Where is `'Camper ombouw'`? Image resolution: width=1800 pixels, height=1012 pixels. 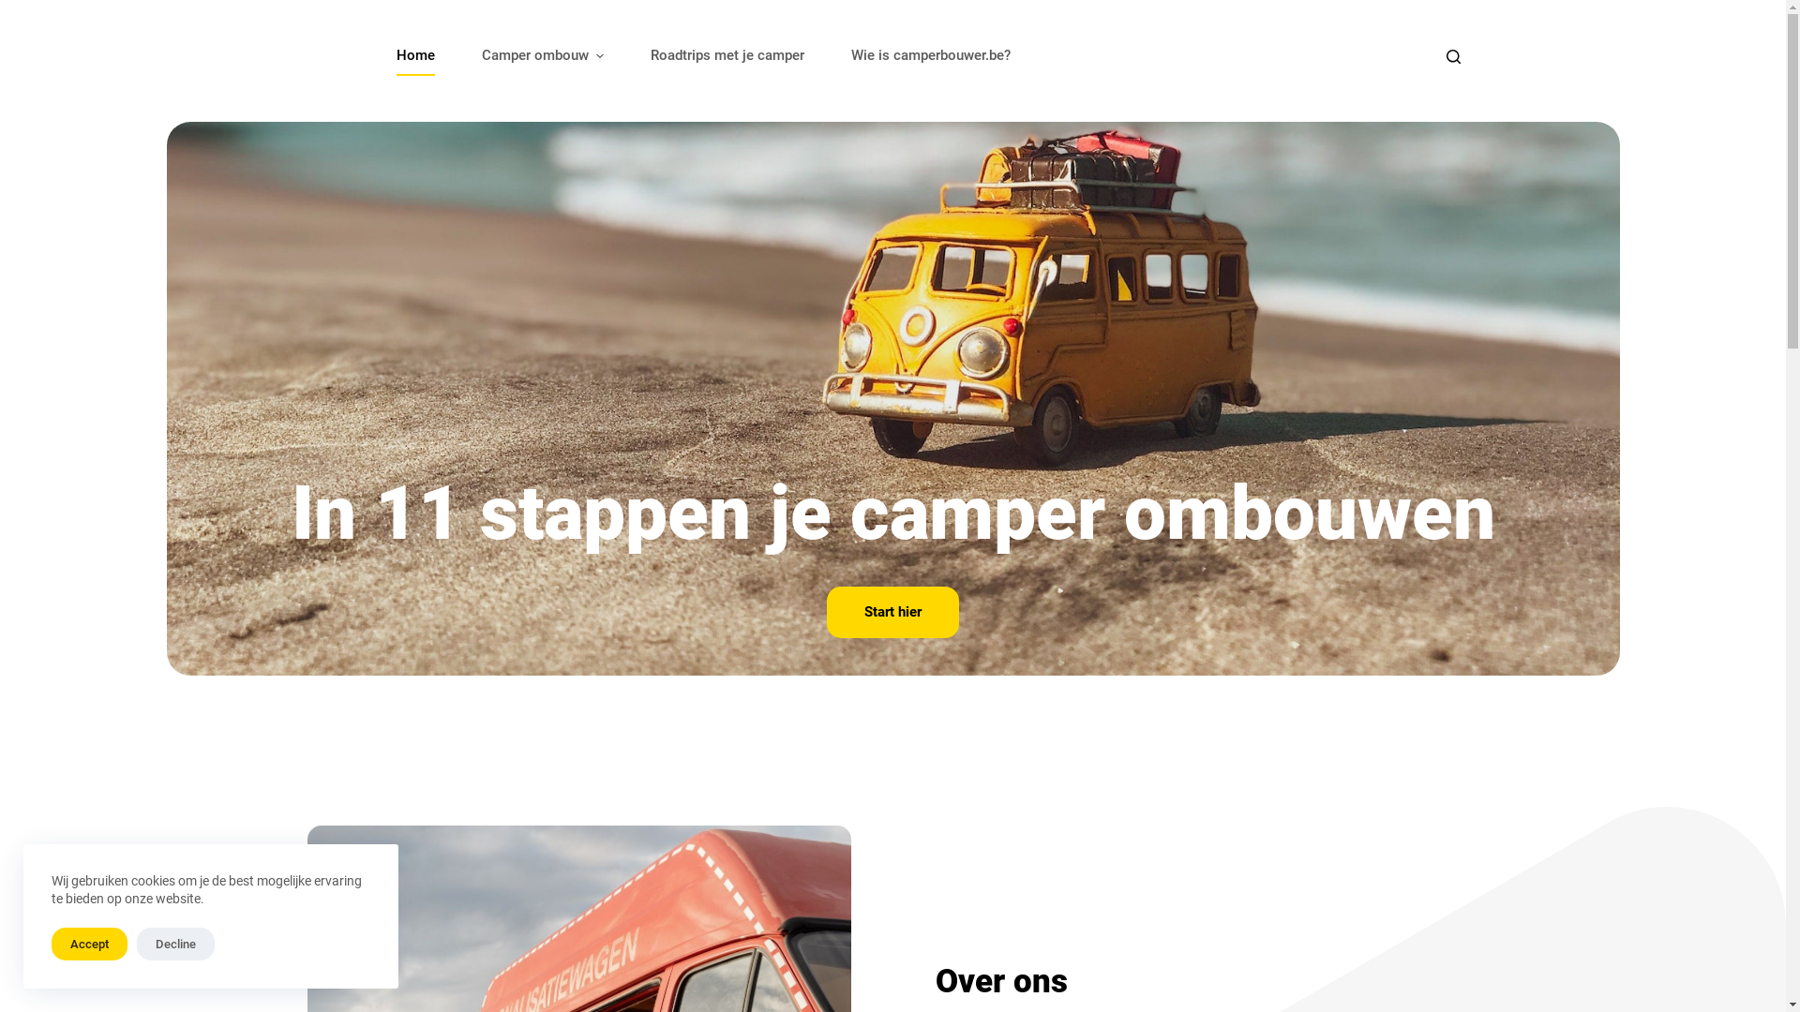 'Camper ombouw' is located at coordinates (540, 55).